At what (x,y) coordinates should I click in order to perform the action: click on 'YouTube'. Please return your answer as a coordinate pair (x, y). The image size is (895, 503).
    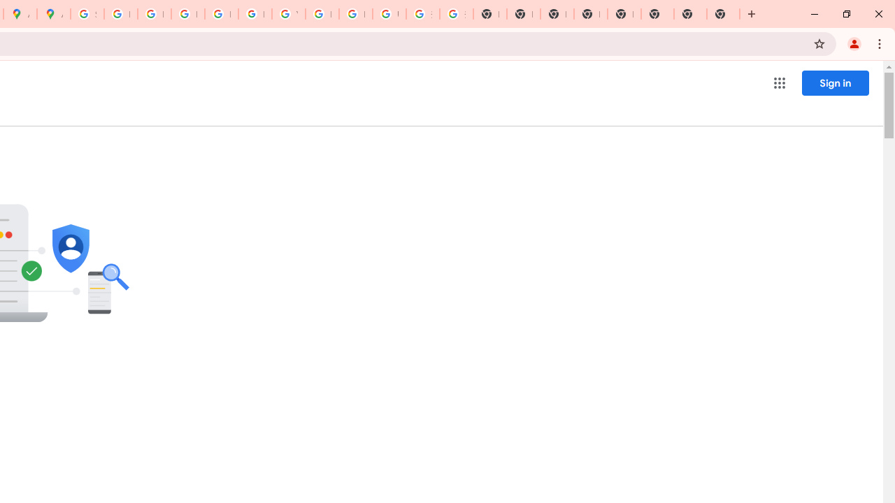
    Looking at the image, I should click on (287, 14).